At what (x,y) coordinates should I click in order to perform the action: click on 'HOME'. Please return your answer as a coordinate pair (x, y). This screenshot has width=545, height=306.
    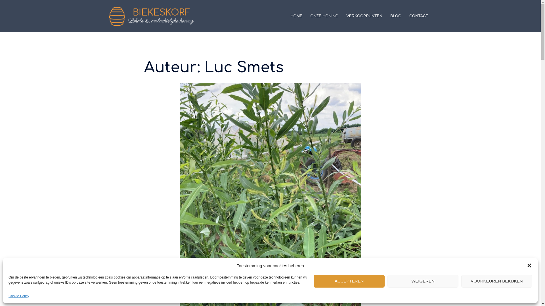
    Looking at the image, I should click on (290, 16).